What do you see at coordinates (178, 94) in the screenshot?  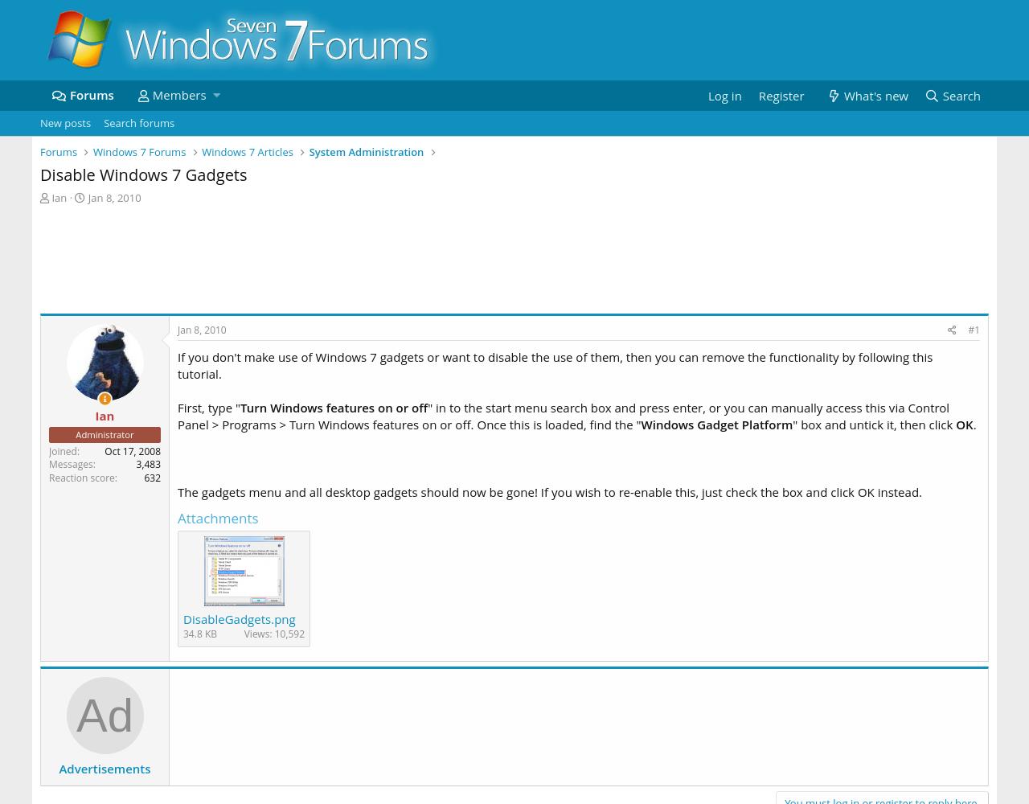 I see `'Members'` at bounding box center [178, 94].